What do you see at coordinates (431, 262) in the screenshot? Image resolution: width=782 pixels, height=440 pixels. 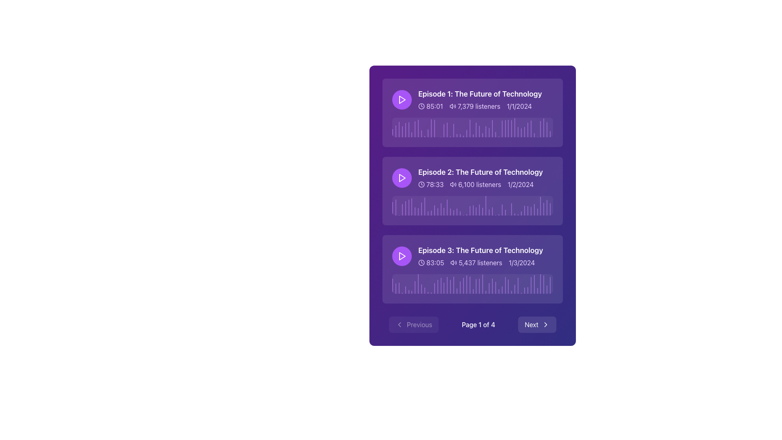 I see `the Text with Icon that indicates the duration of the episode, located at the bottom section of the content panel under 'Episode 3: The Future of Technology'` at bounding box center [431, 262].